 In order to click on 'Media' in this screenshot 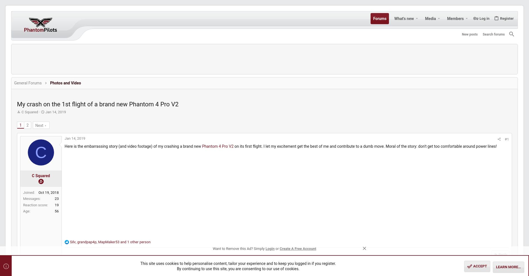, I will do `click(417, 18)`.